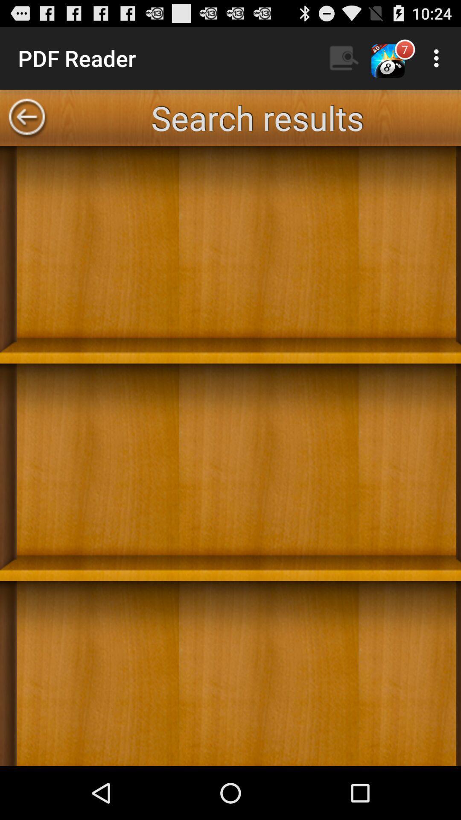 The height and width of the screenshot is (820, 461). I want to click on book shelf, so click(230, 456).